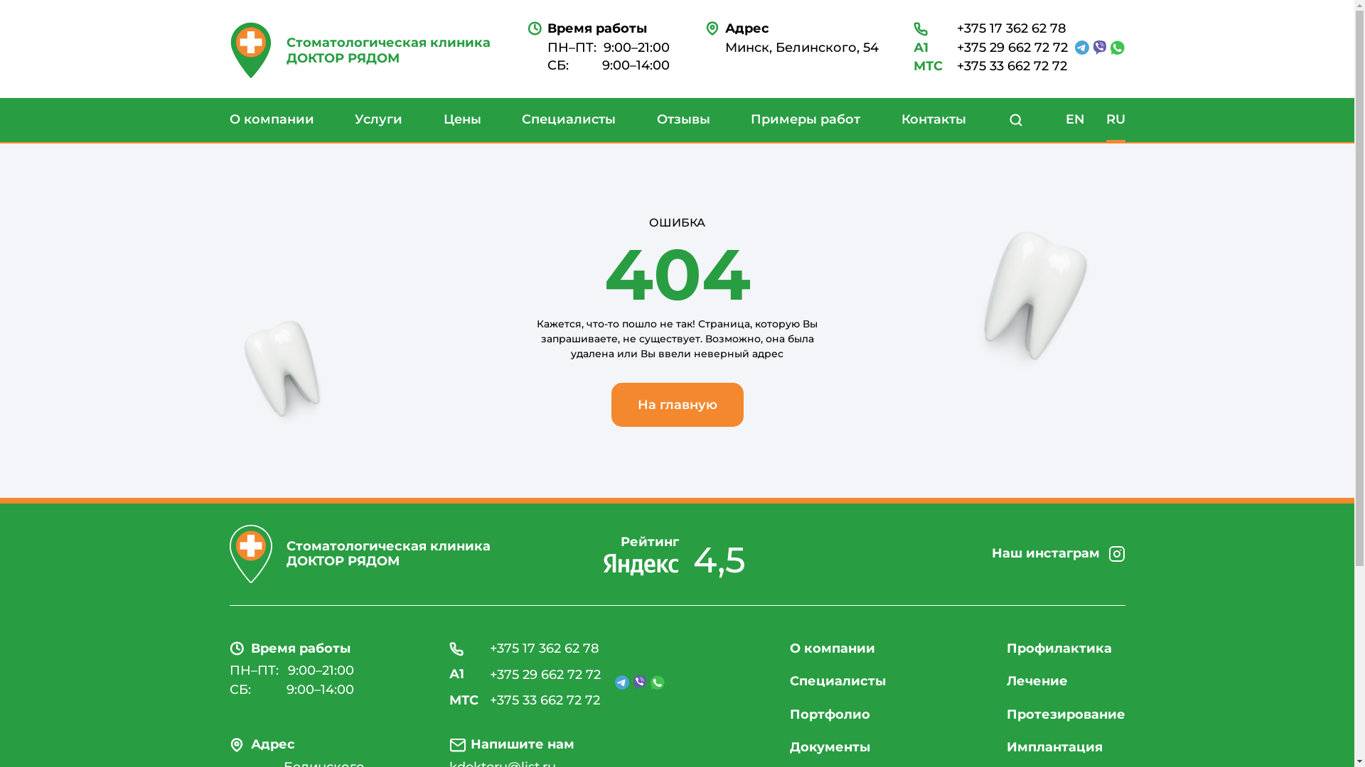 The height and width of the screenshot is (767, 1365). What do you see at coordinates (989, 29) in the screenshot?
I see `'+375 17 362 62 78'` at bounding box center [989, 29].